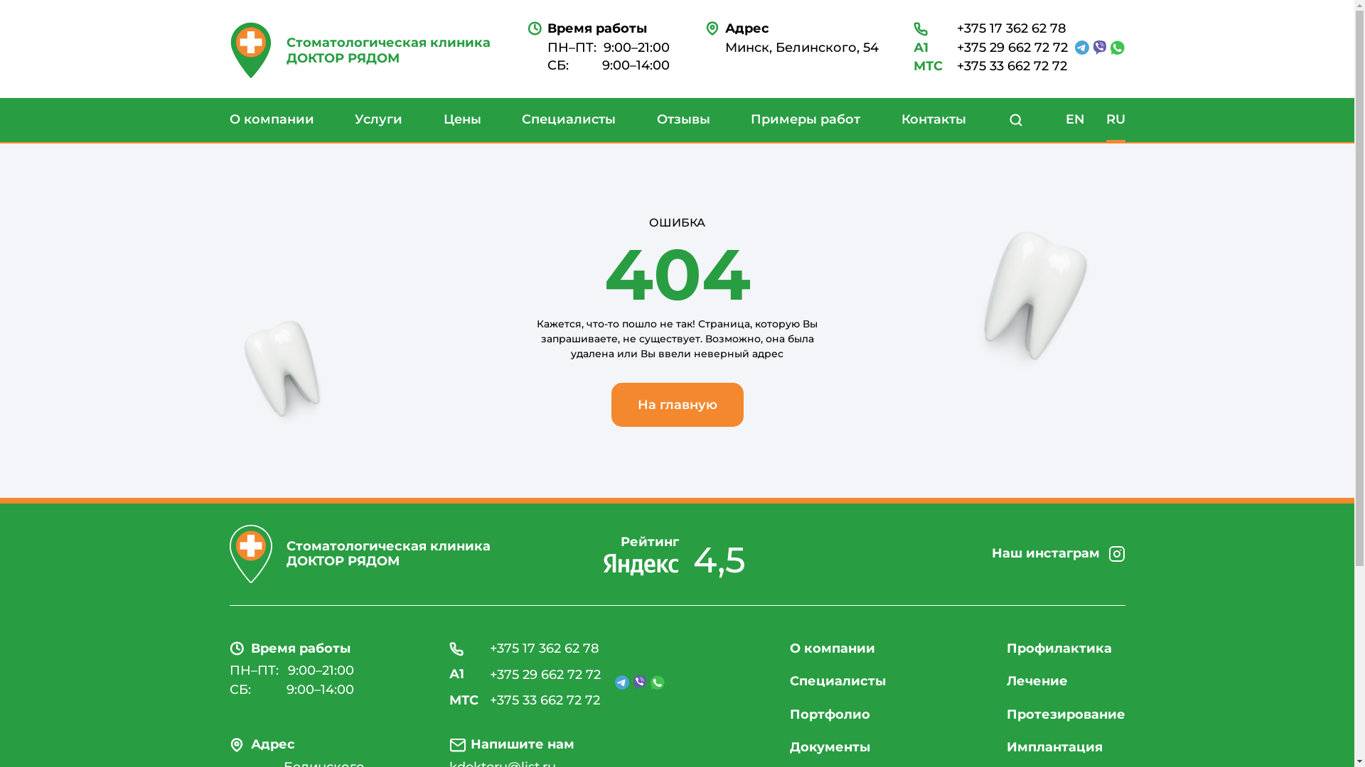 The height and width of the screenshot is (767, 1365). What do you see at coordinates (989, 29) in the screenshot?
I see `'+375 17 362 62 78'` at bounding box center [989, 29].